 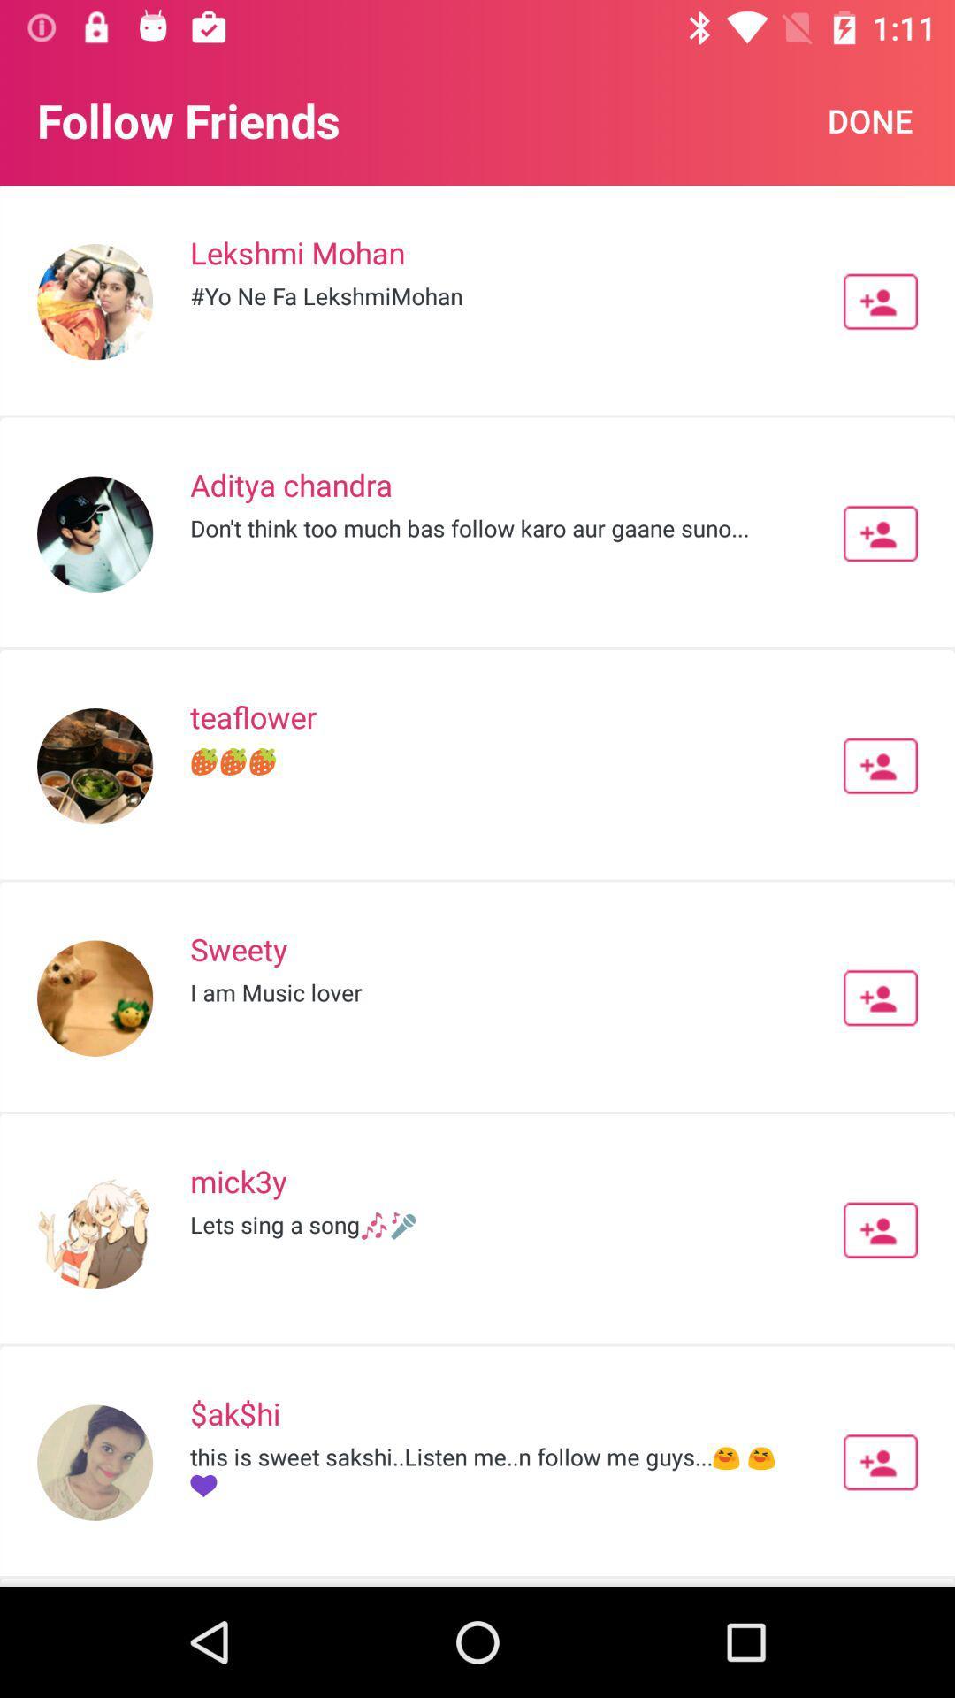 What do you see at coordinates (869, 119) in the screenshot?
I see `item above the lekshmi mohan` at bounding box center [869, 119].